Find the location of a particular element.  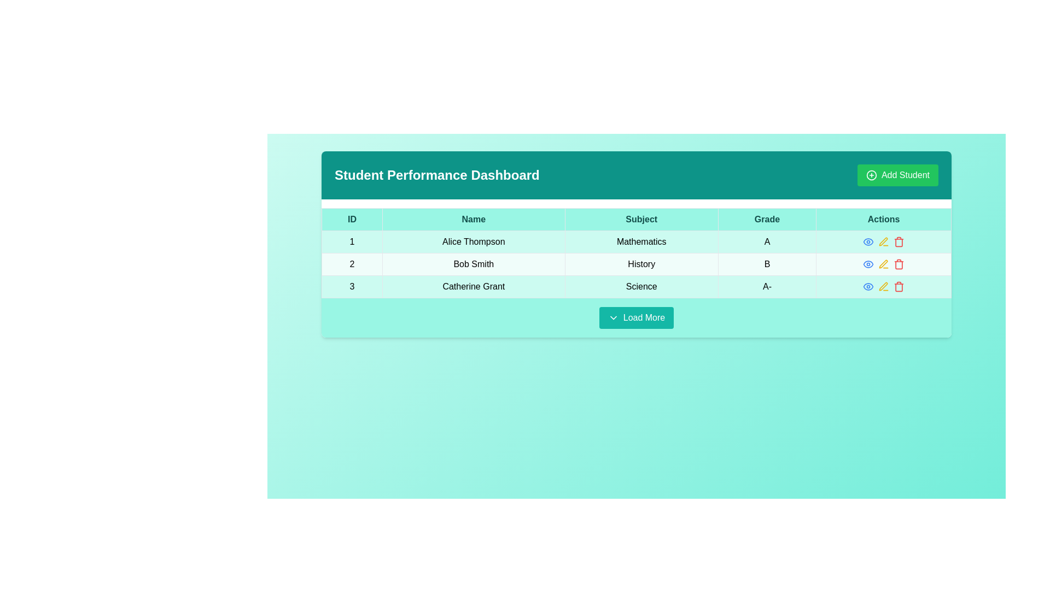

the static text displaying the grade 'B' for the student 'Bob Smith' in the subject 'History' within the table cell is located at coordinates (766, 264).